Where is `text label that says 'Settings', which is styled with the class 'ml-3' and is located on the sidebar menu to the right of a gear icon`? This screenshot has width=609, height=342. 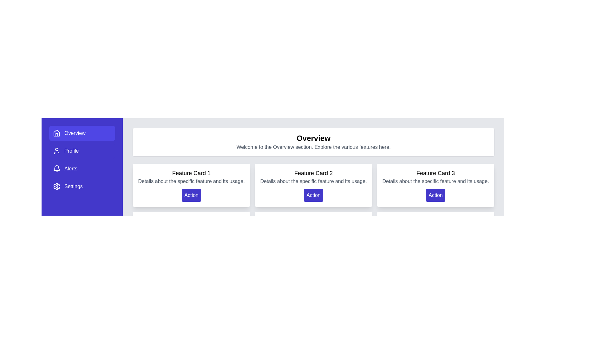 text label that says 'Settings', which is styled with the class 'ml-3' and is located on the sidebar menu to the right of a gear icon is located at coordinates (73, 186).